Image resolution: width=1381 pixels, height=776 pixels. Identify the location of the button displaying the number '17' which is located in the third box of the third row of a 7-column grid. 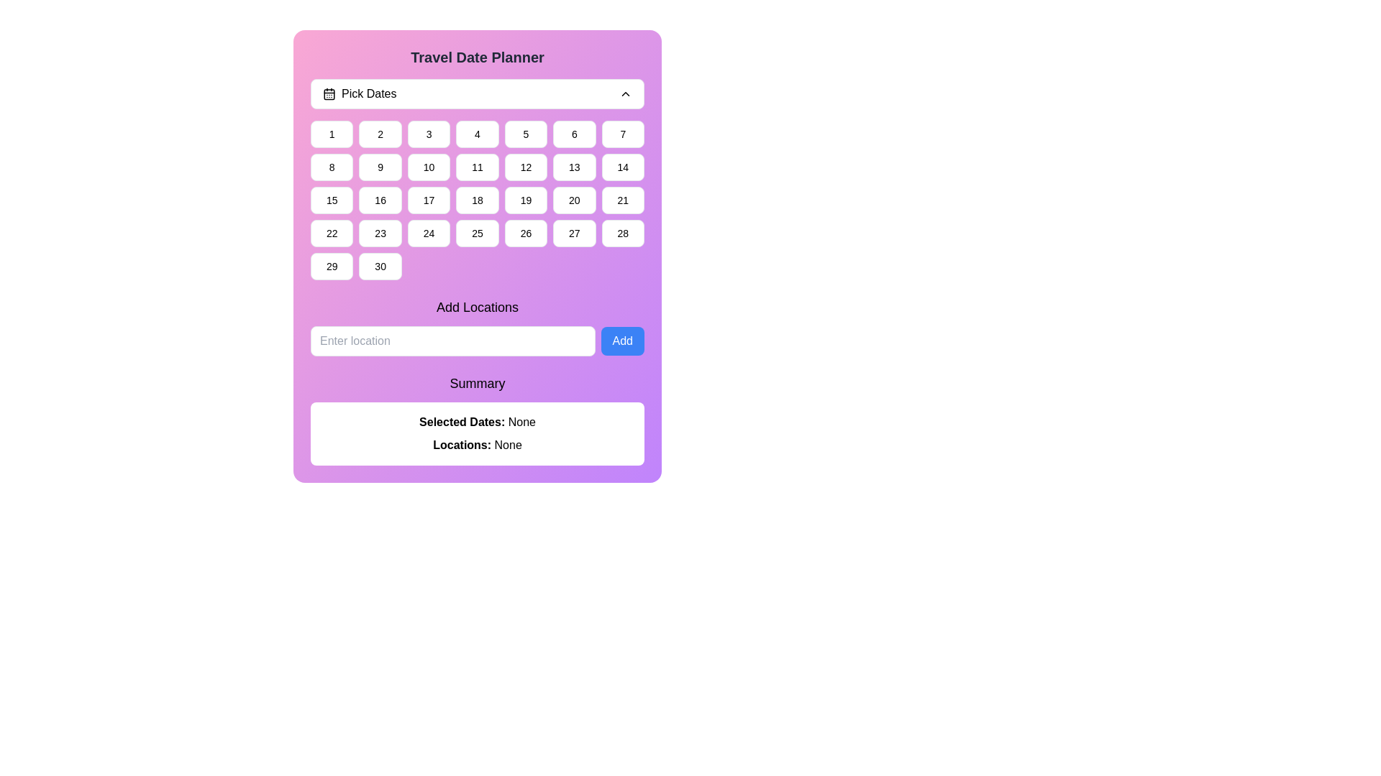
(428, 200).